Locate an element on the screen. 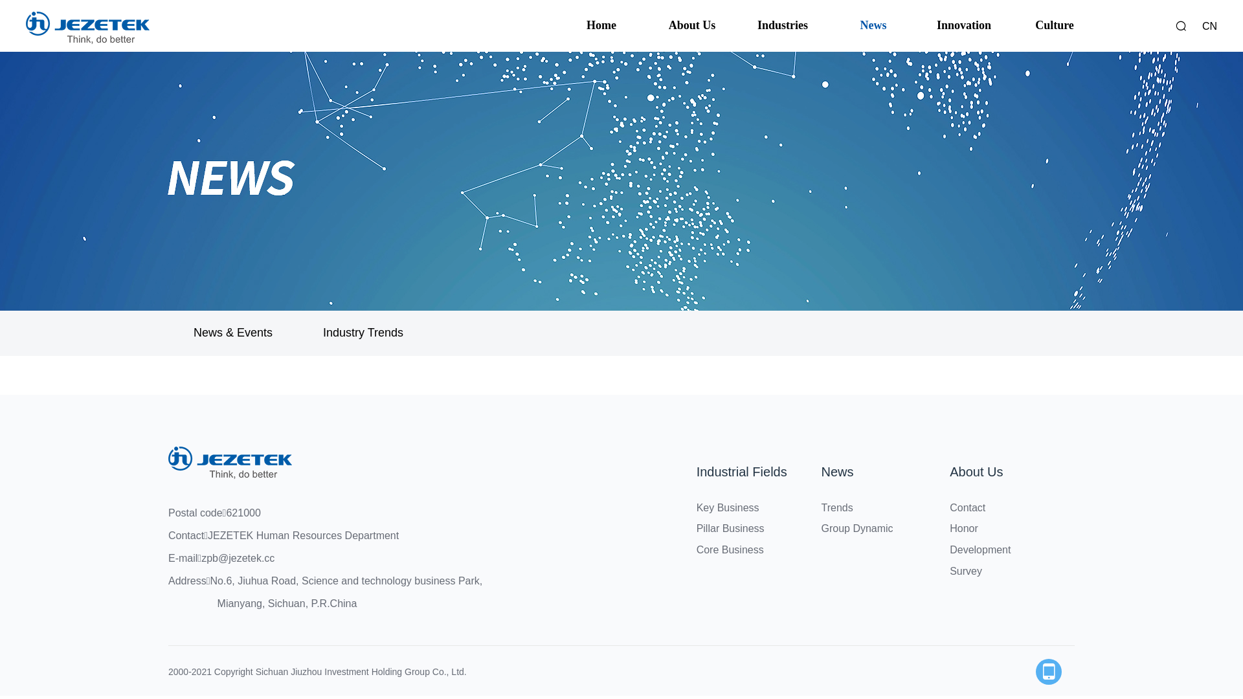  'CN' is located at coordinates (1209, 26).